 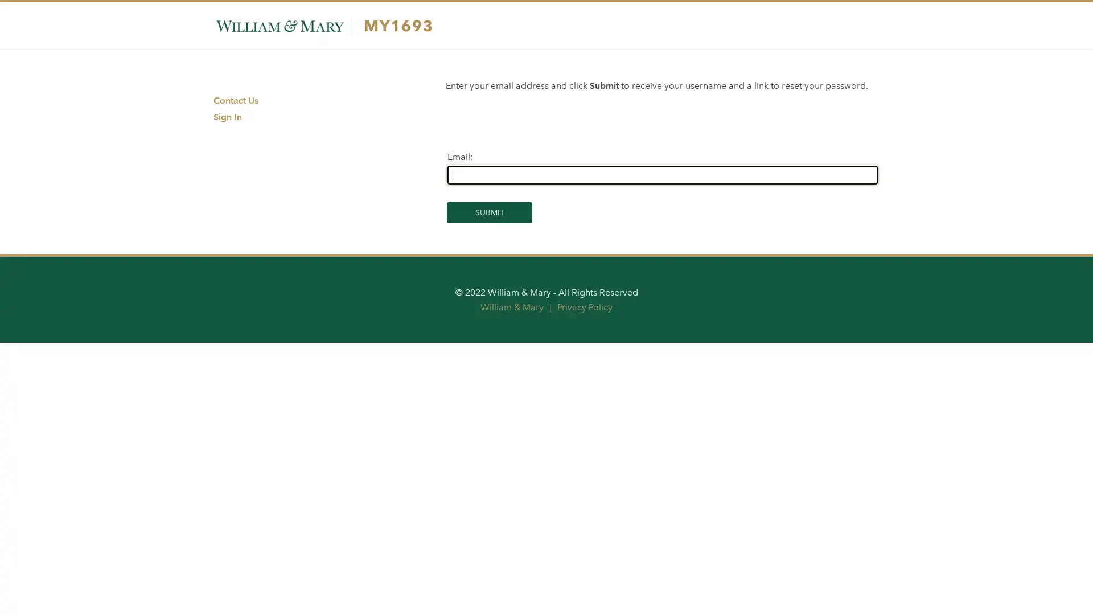 What do you see at coordinates (489, 212) in the screenshot?
I see `Submit` at bounding box center [489, 212].